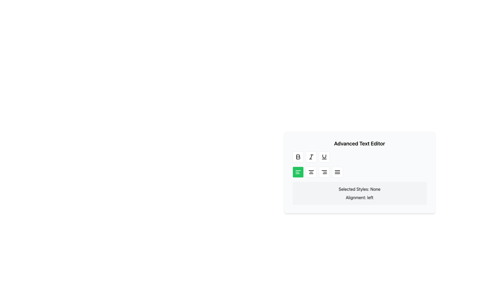  What do you see at coordinates (359, 193) in the screenshot?
I see `the informational text box displaying 'Selected Styles: None' and 'Alignment: left', located at the bottom of the 'Advanced Text Editor'` at bounding box center [359, 193].